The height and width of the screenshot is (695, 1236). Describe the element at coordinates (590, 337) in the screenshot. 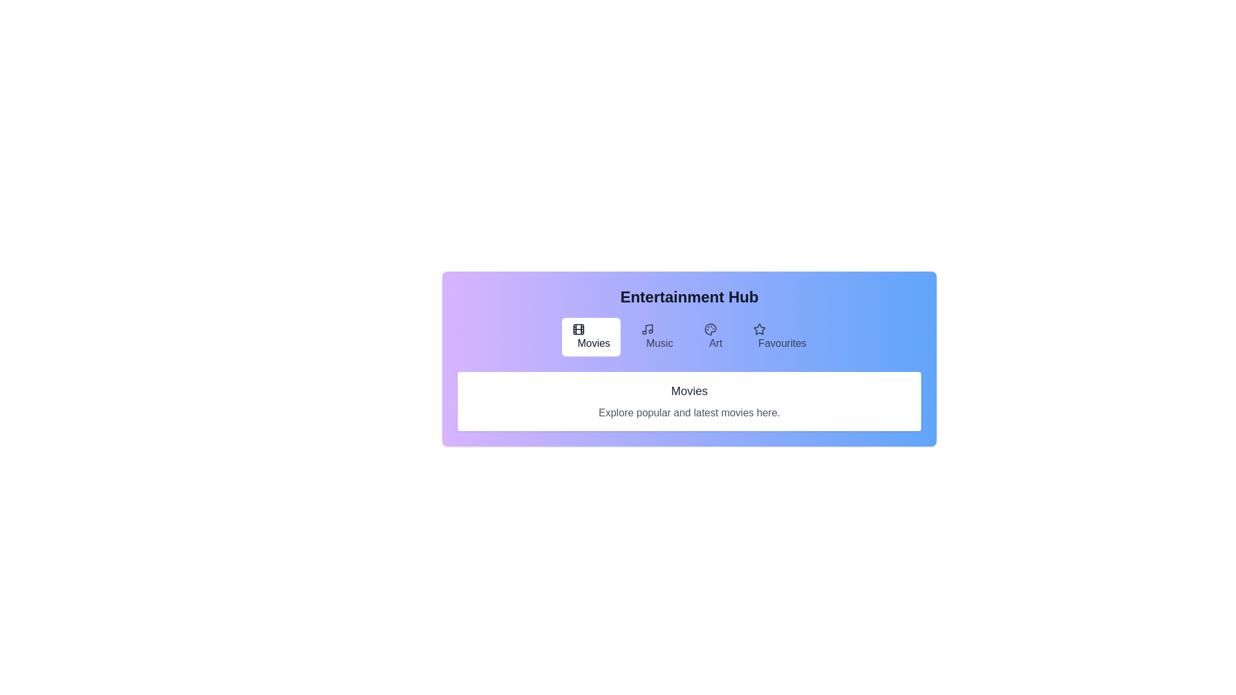

I see `the Movies tab by clicking on the corresponding tab button` at that location.